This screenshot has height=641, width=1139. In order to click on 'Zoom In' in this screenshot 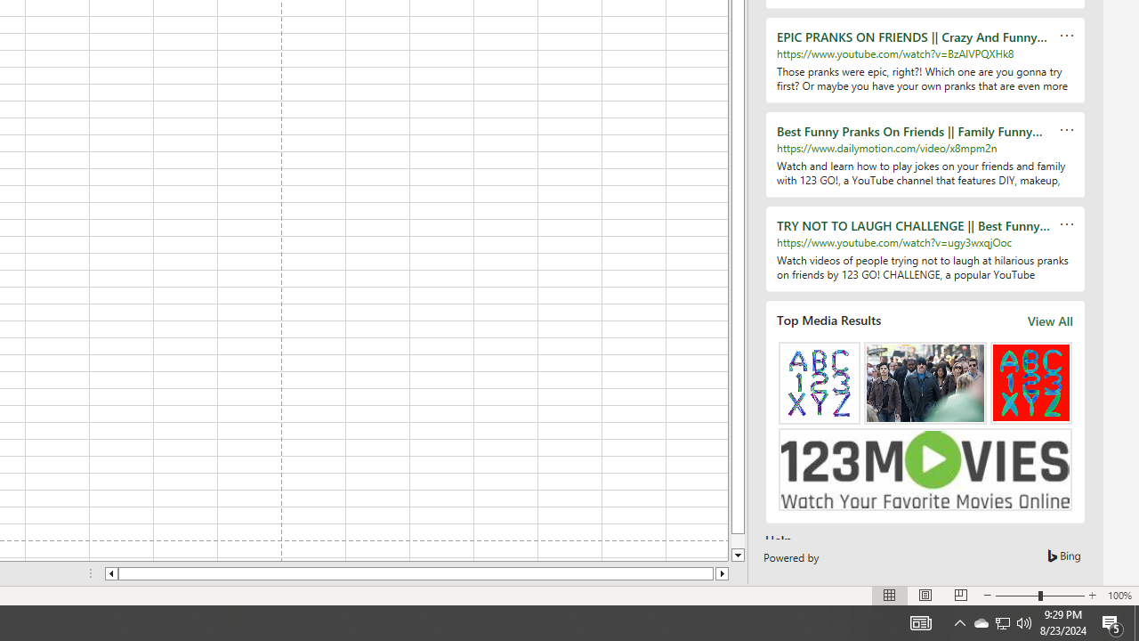, I will do `click(1091, 596)`.